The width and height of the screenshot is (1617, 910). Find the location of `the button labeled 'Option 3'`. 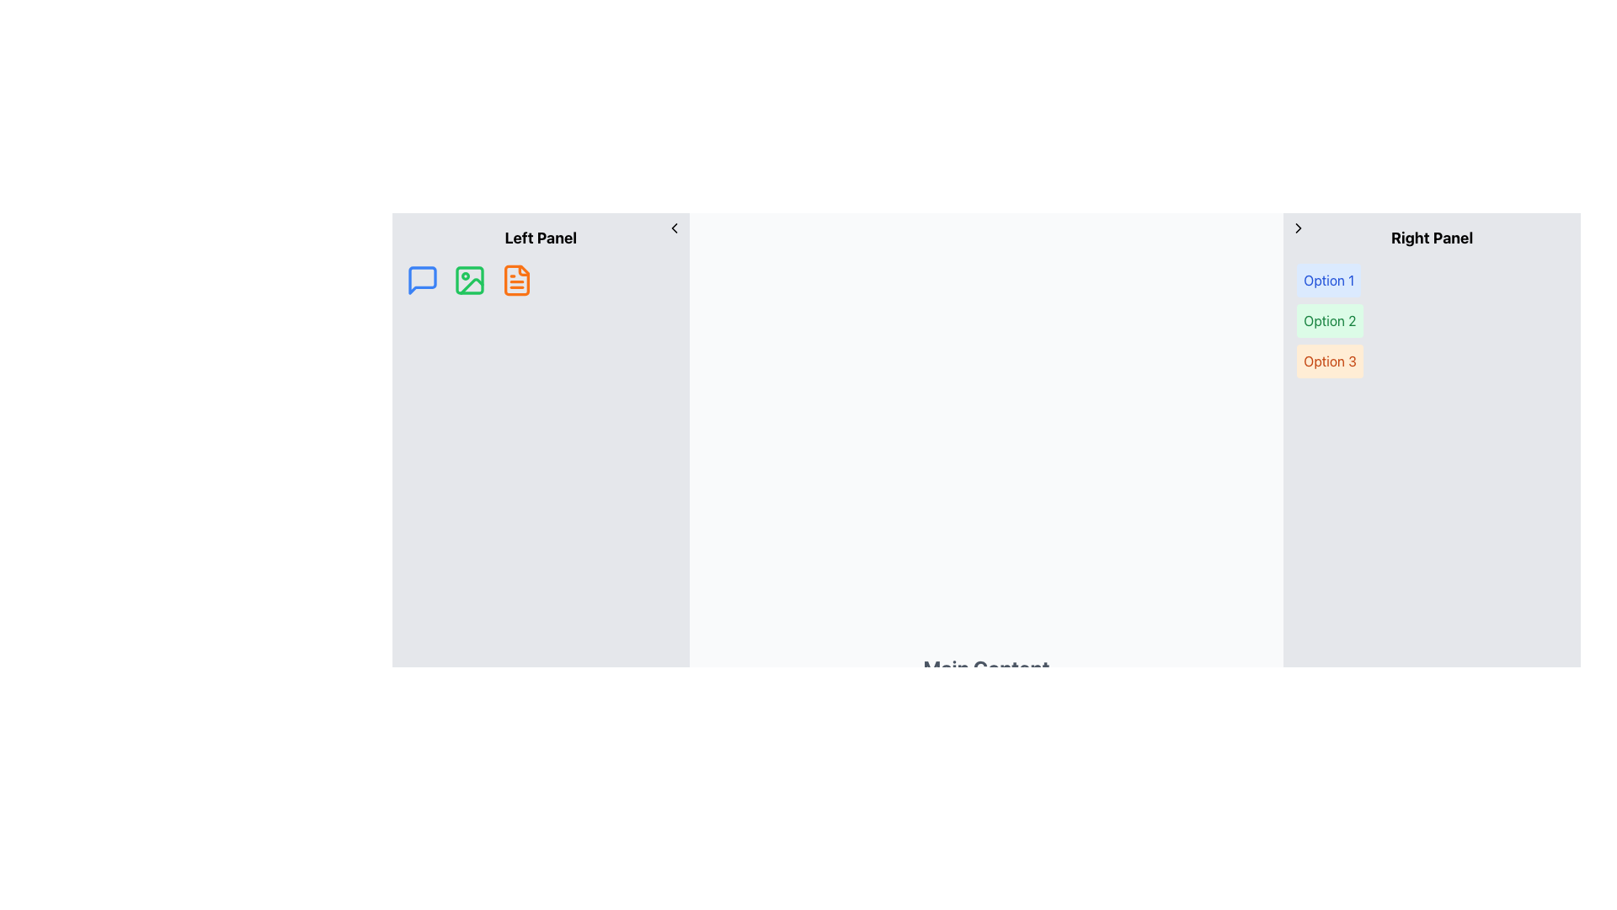

the button labeled 'Option 3' is located at coordinates (1329, 360).